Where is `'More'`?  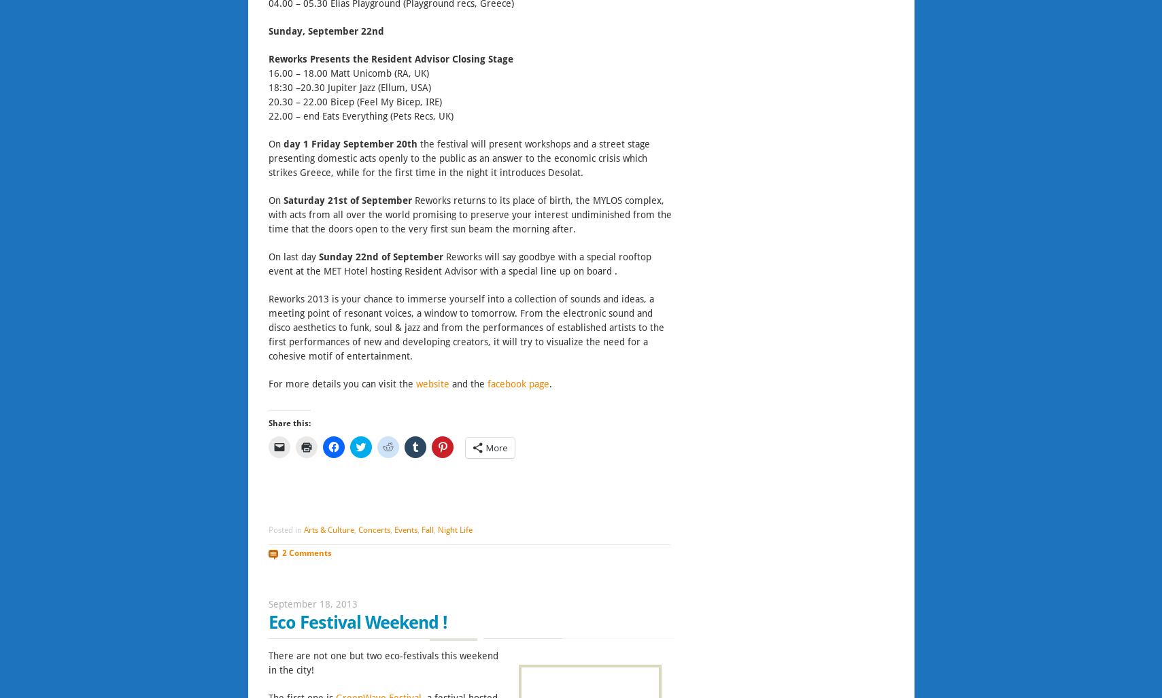 'More' is located at coordinates (496, 447).